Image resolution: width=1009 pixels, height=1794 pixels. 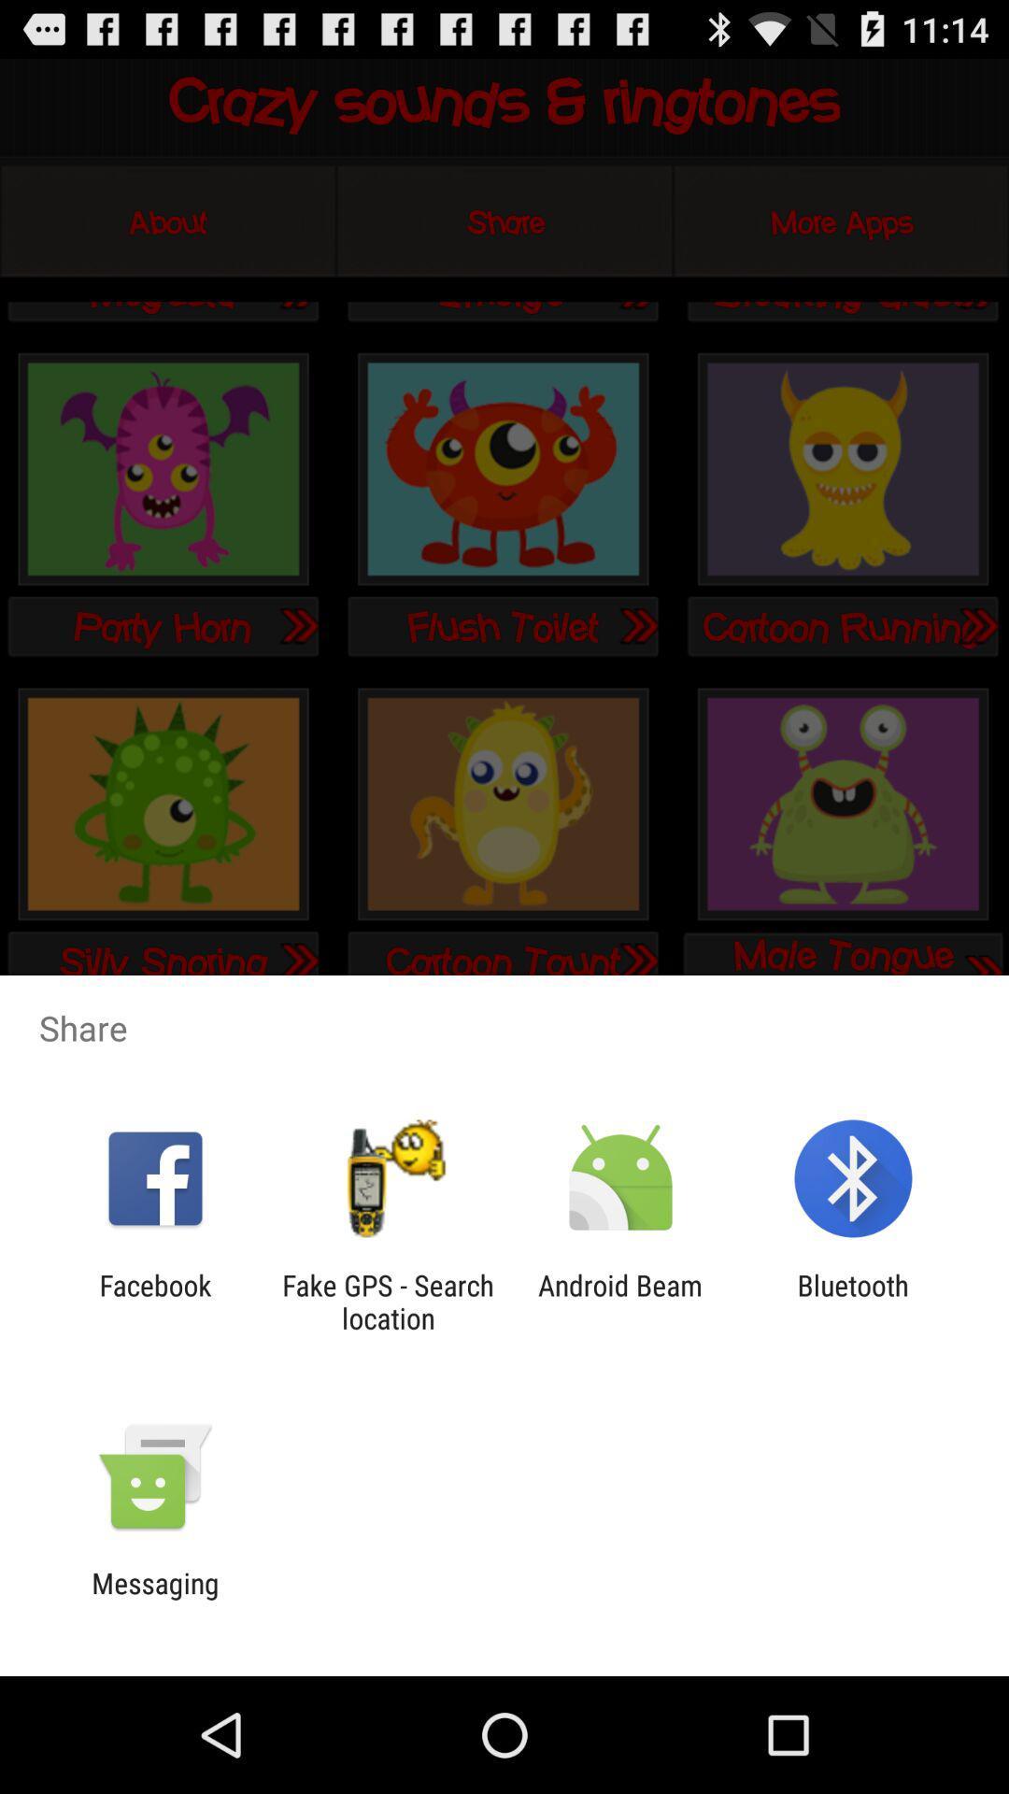 What do you see at coordinates (620, 1301) in the screenshot?
I see `the app next to bluetooth app` at bounding box center [620, 1301].